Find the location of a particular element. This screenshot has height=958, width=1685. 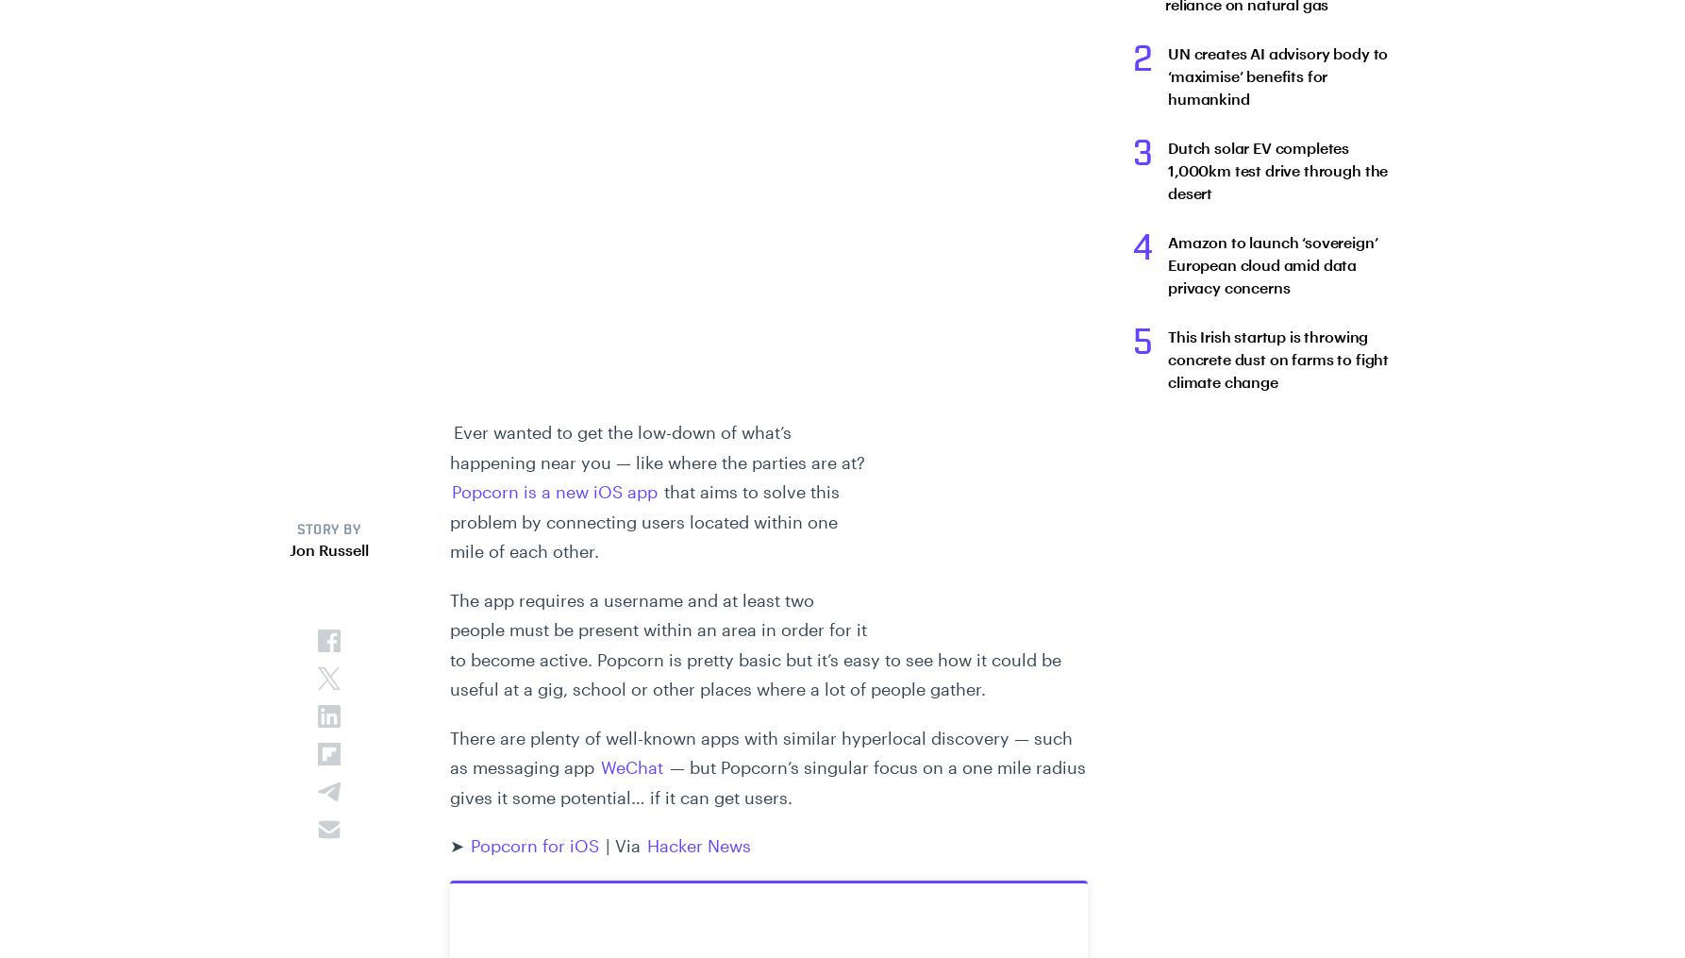

'WeChat' is located at coordinates (601, 767).